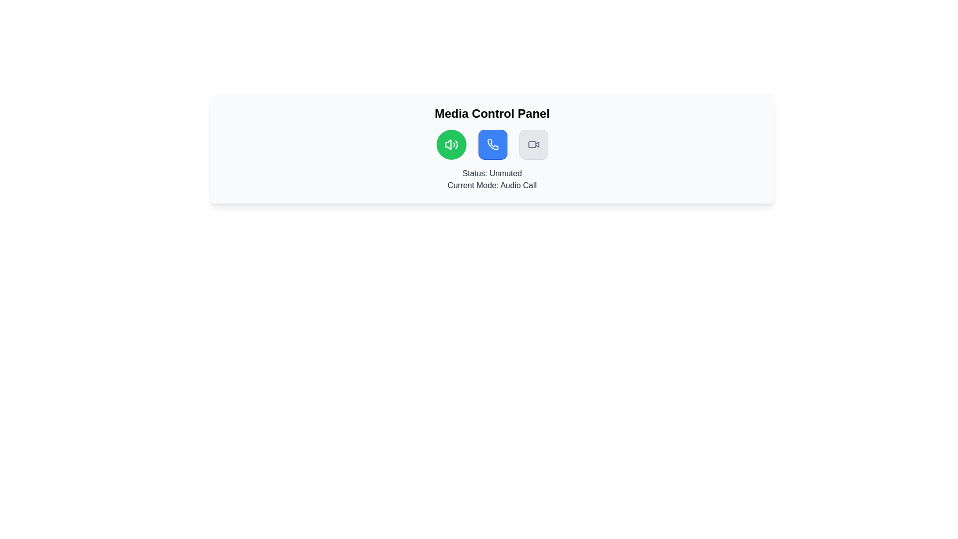  Describe the element at coordinates (492, 144) in the screenshot. I see `the audio mode button, which is the second button in a row of three, located between a green speaker button and a gray video camera button, to switch modes` at that location.